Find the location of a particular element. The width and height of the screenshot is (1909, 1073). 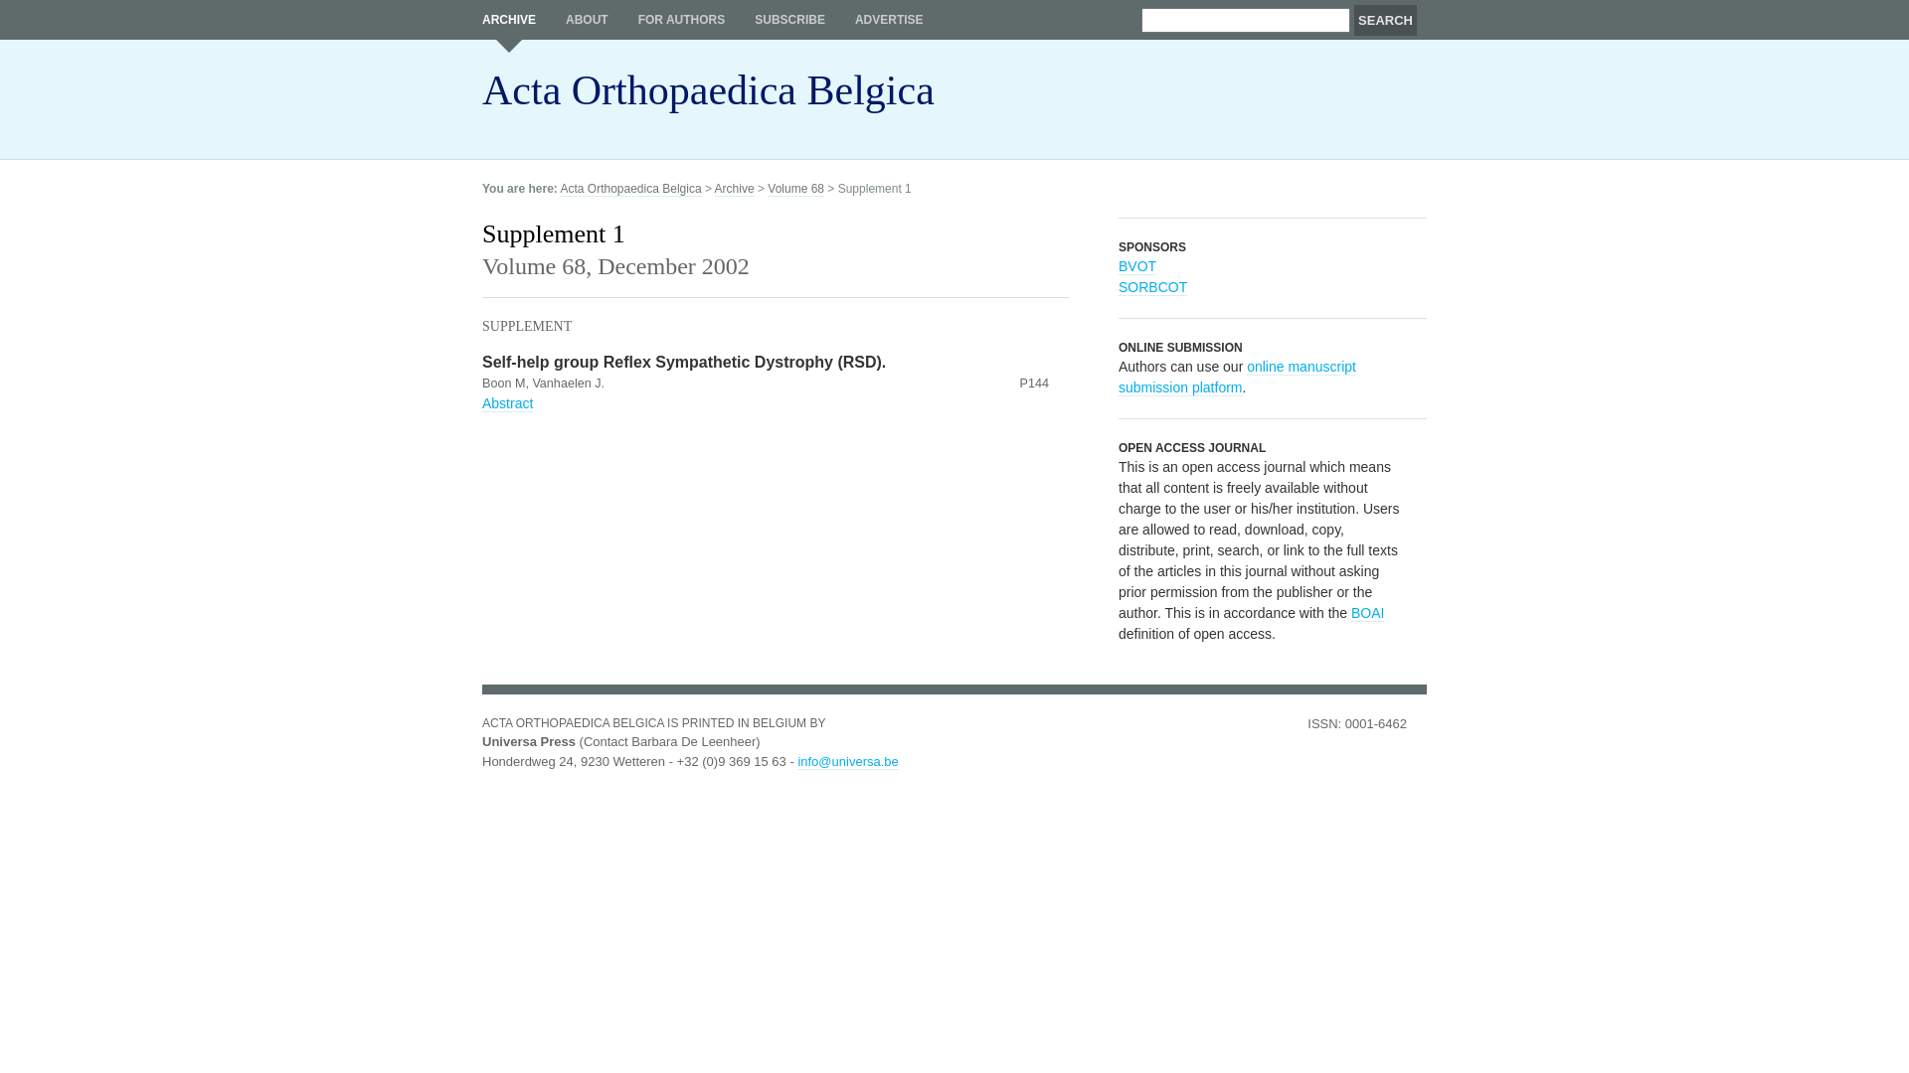

'online manuscript submission platform' is located at coordinates (1236, 378).